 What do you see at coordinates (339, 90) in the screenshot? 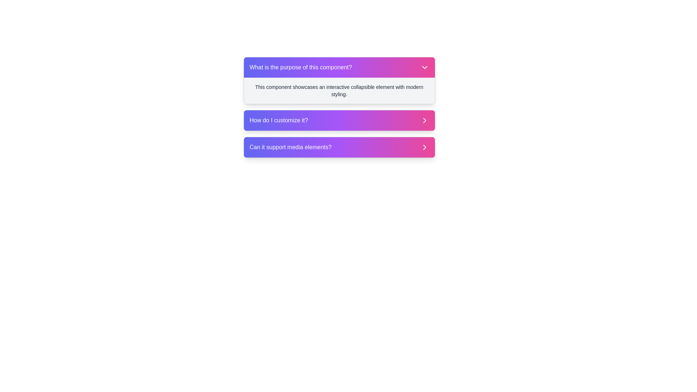
I see `the informational text element explaining the purpose of the collapsible component, located underneath the title 'What is the purpose of this component?'` at bounding box center [339, 90].